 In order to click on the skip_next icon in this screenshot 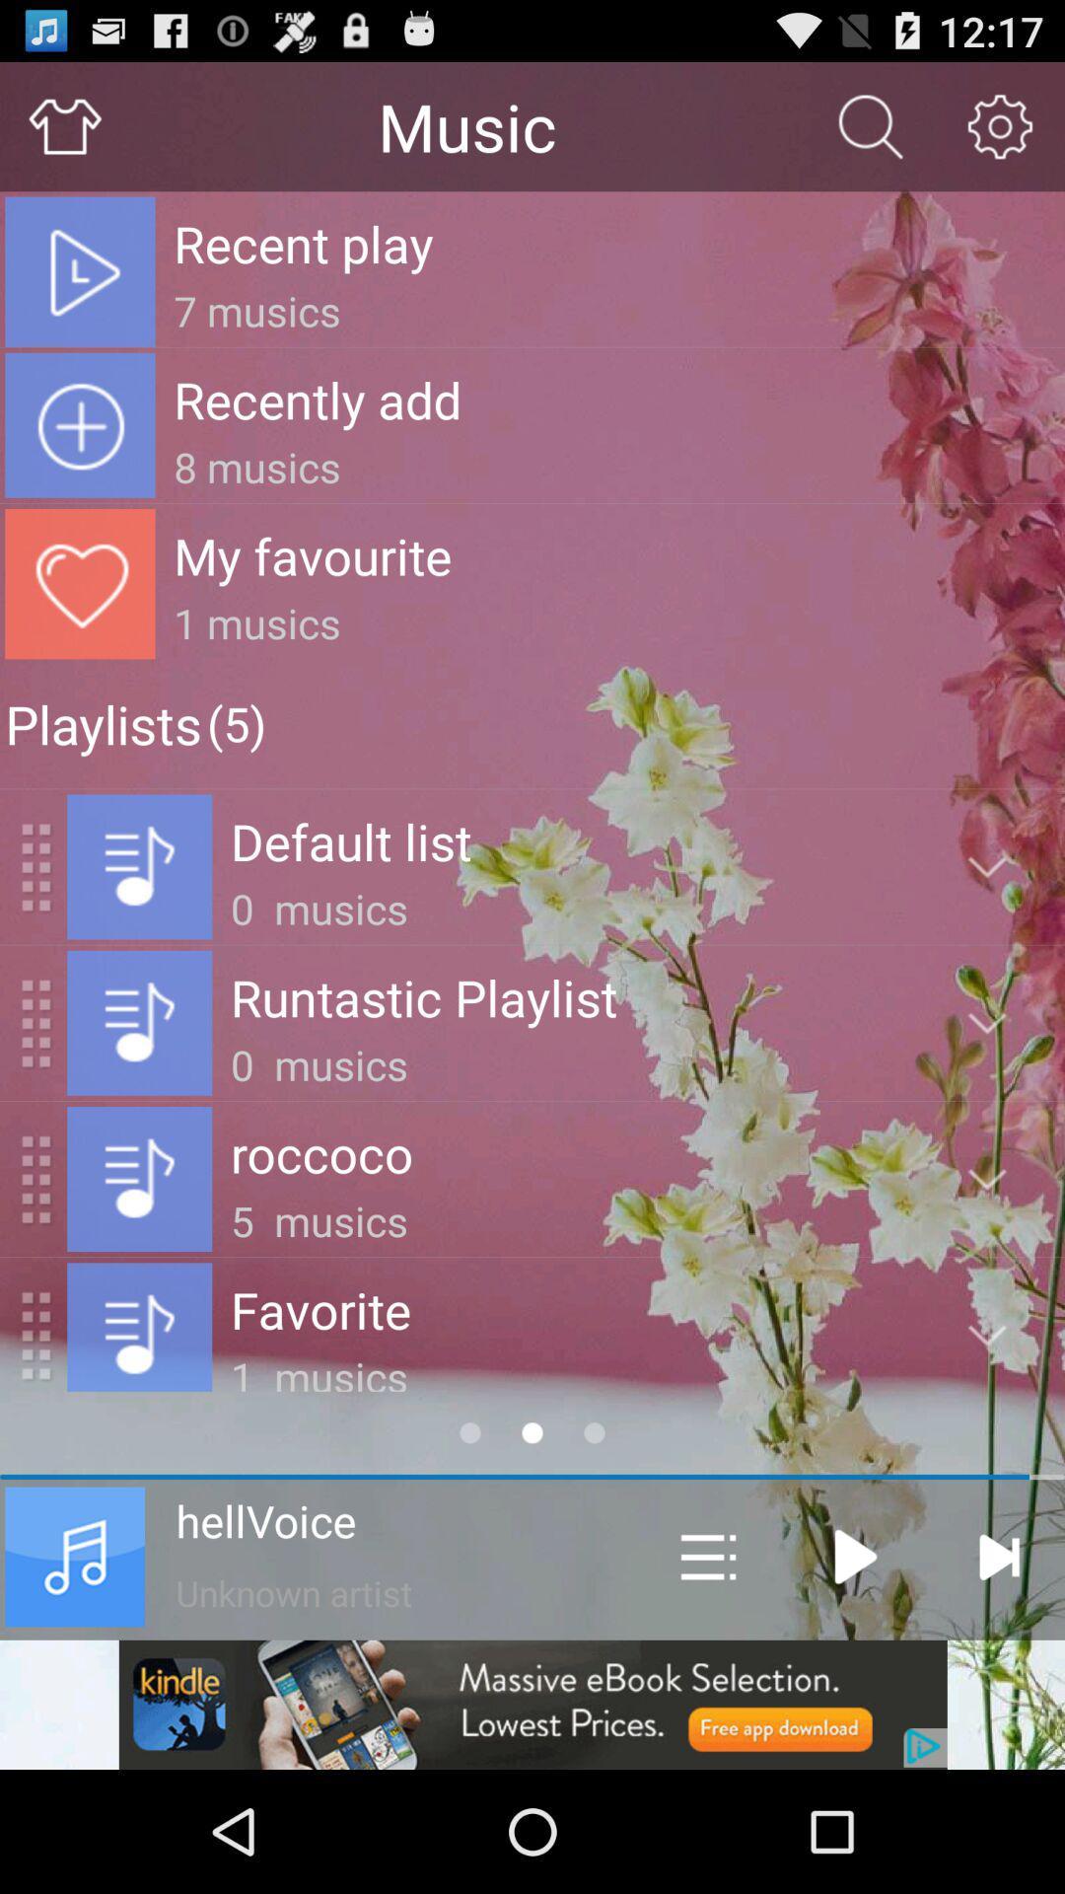, I will do `click(998, 1665)`.